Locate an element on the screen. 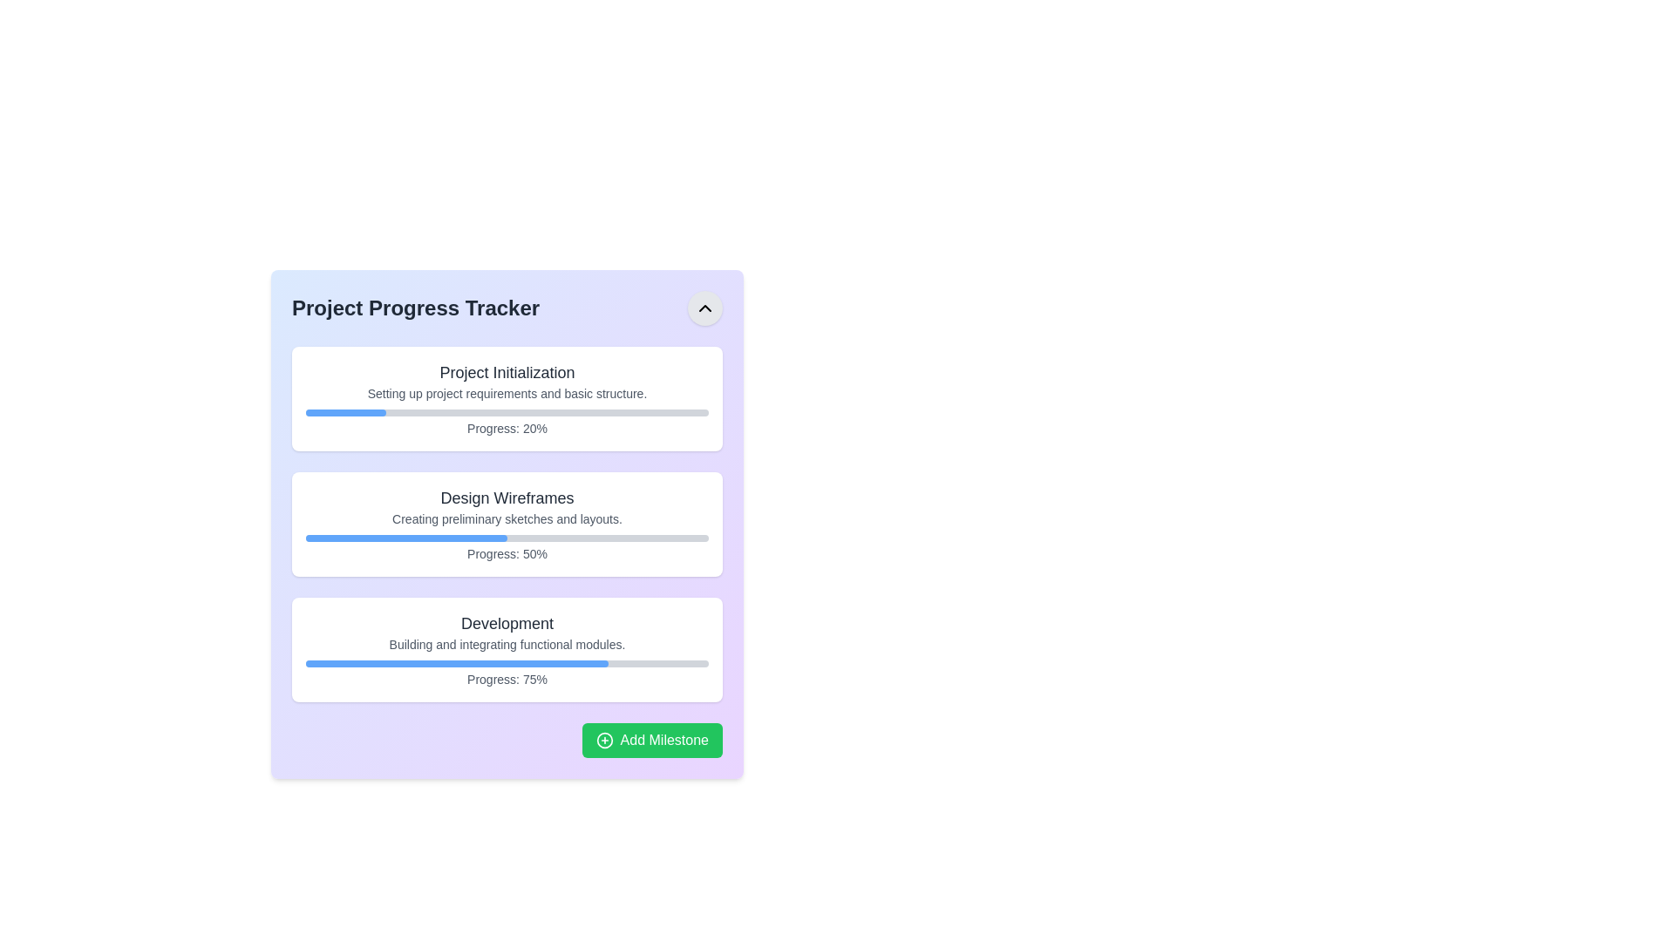 This screenshot has width=1674, height=941. the text label that serves as a heading for project progress tracking, located at the top left of the interface, above a circular interactive button is located at coordinates (415, 308).